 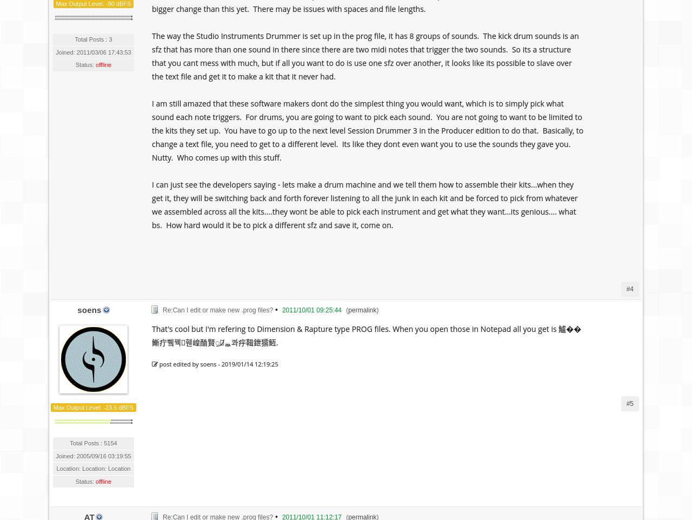 What do you see at coordinates (311, 310) in the screenshot?
I see `'2011/10/01 09:25:44'` at bounding box center [311, 310].